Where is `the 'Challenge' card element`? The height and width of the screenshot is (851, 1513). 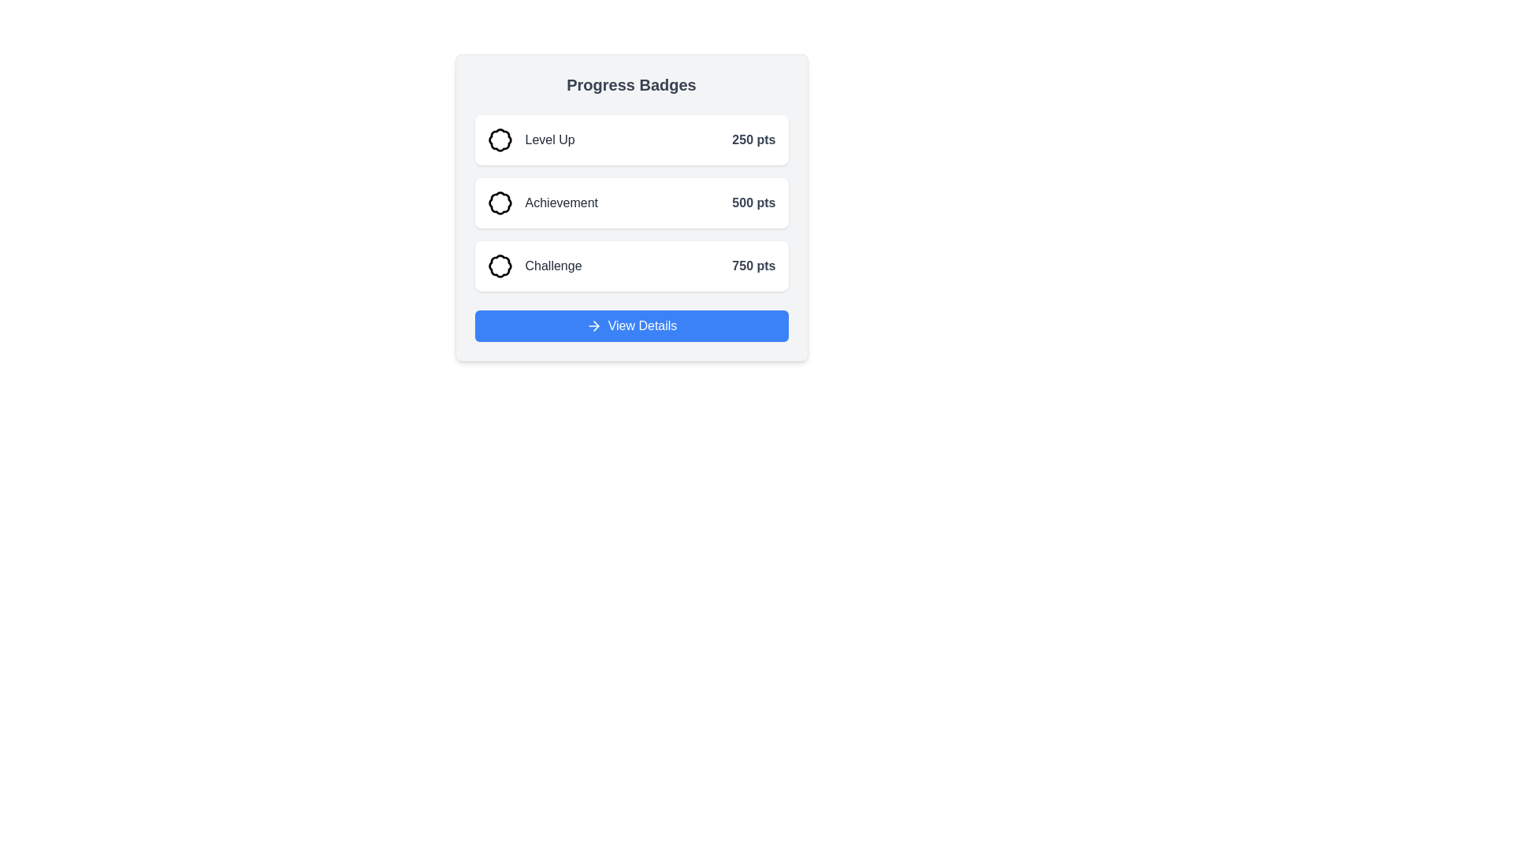 the 'Challenge' card element is located at coordinates (631, 266).